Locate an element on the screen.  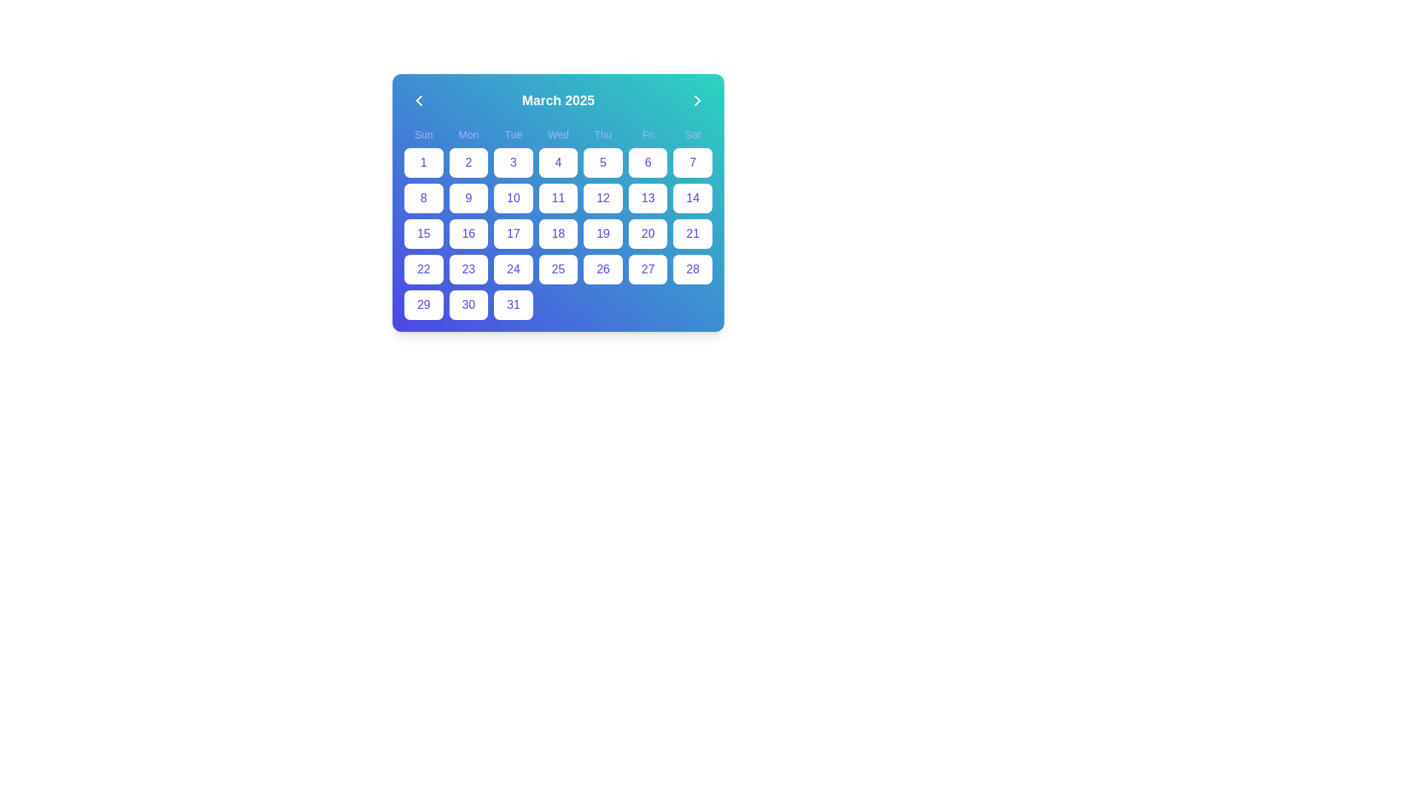
the clickable calendar day button labeled '12' in the March 2025 calendar is located at coordinates (603, 197).